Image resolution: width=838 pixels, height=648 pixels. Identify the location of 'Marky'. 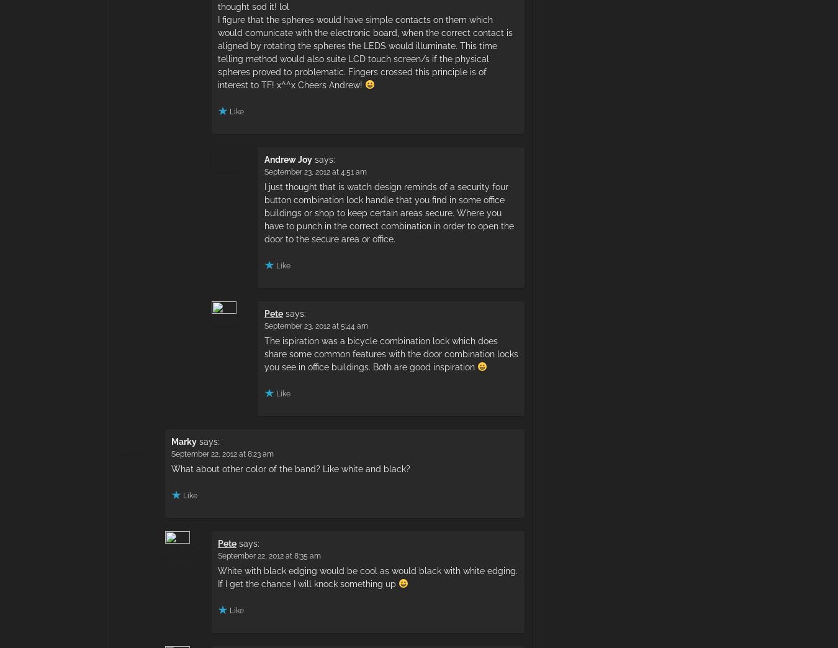
(170, 440).